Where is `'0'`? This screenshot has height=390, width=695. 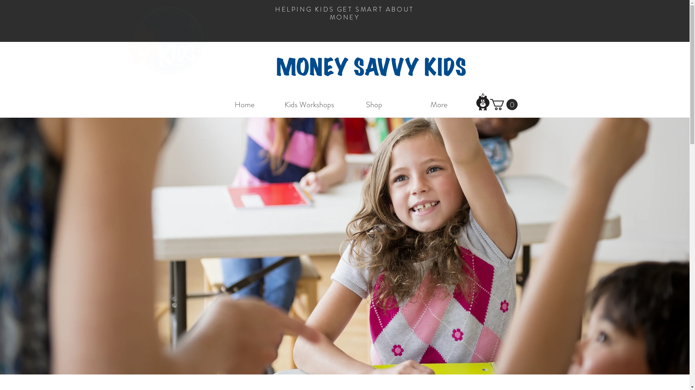
'0' is located at coordinates (504, 104).